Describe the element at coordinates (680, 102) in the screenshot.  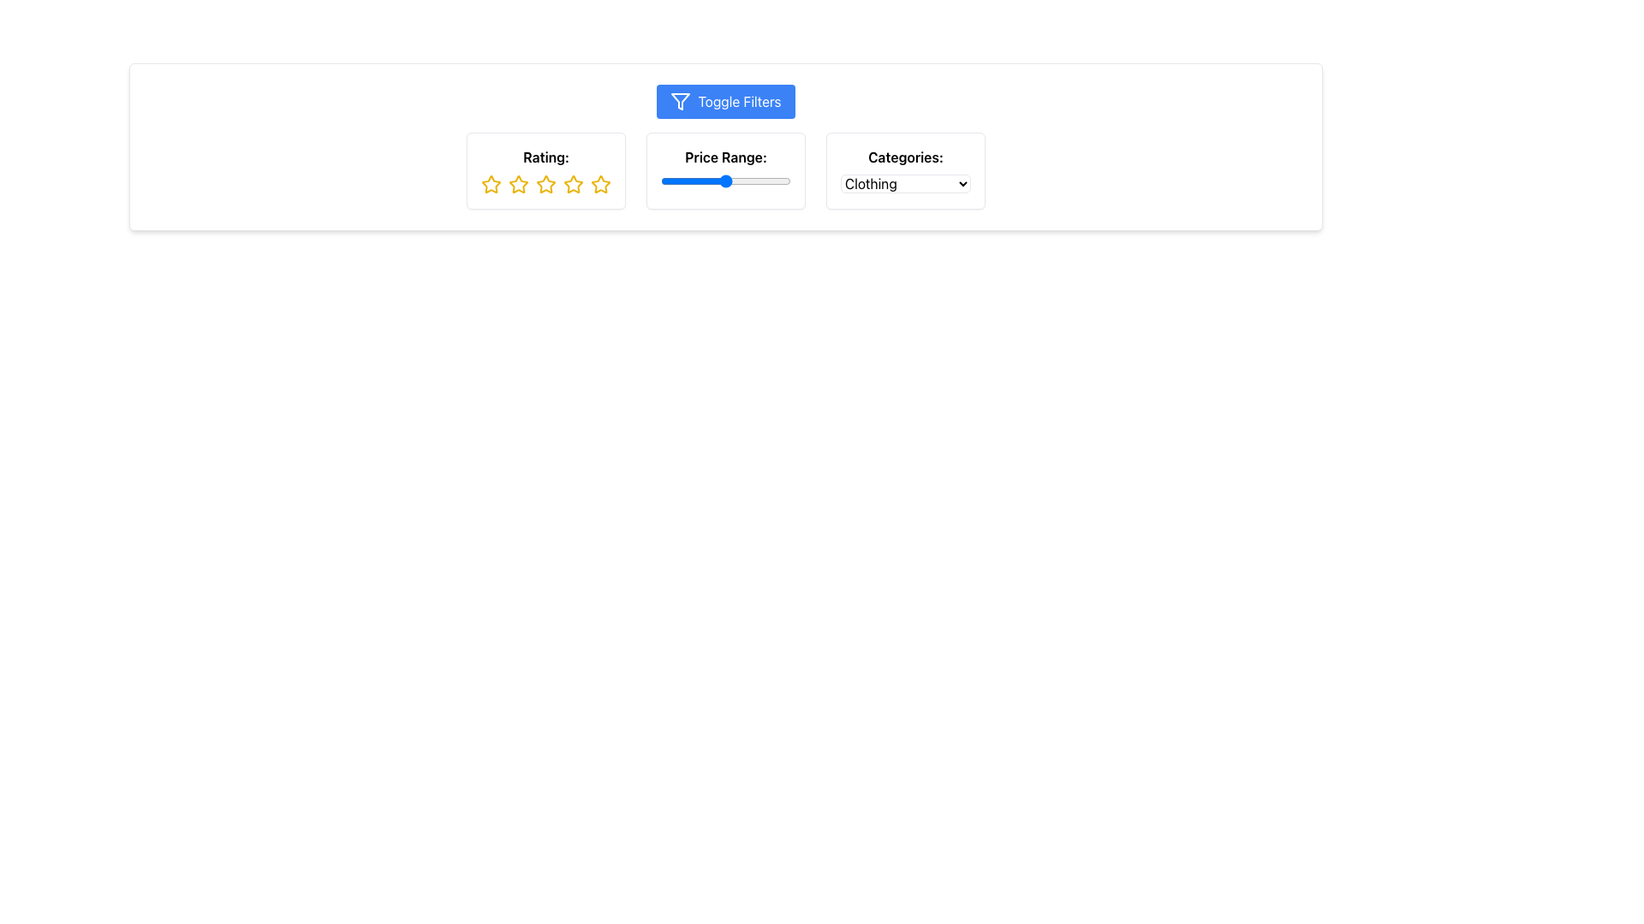
I see `the funnel icon in the toggle filter button labeled 'Toggle Filters', which is visually centered and has a white fill on a blue background` at that location.